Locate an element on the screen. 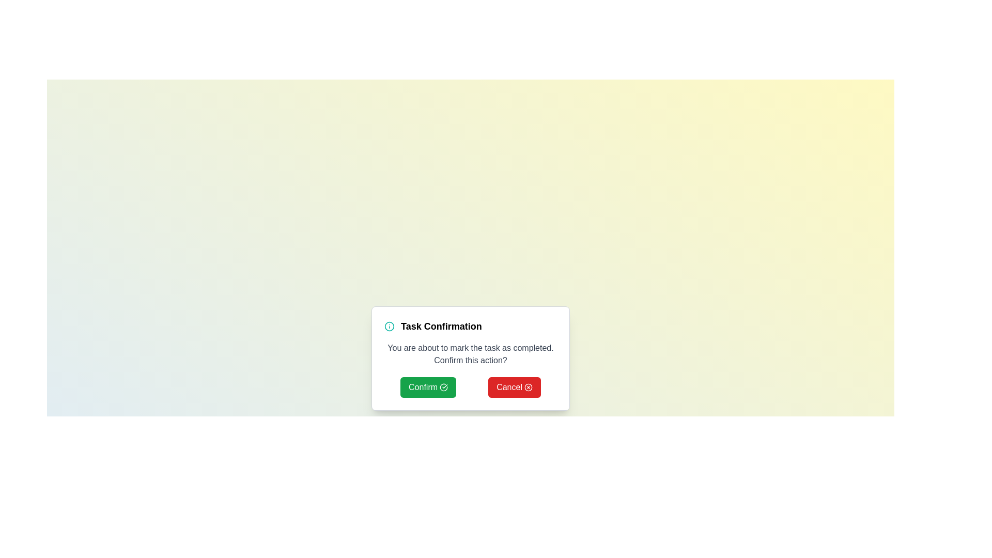 The image size is (992, 558). the 'Cancel' button is located at coordinates (515, 387).